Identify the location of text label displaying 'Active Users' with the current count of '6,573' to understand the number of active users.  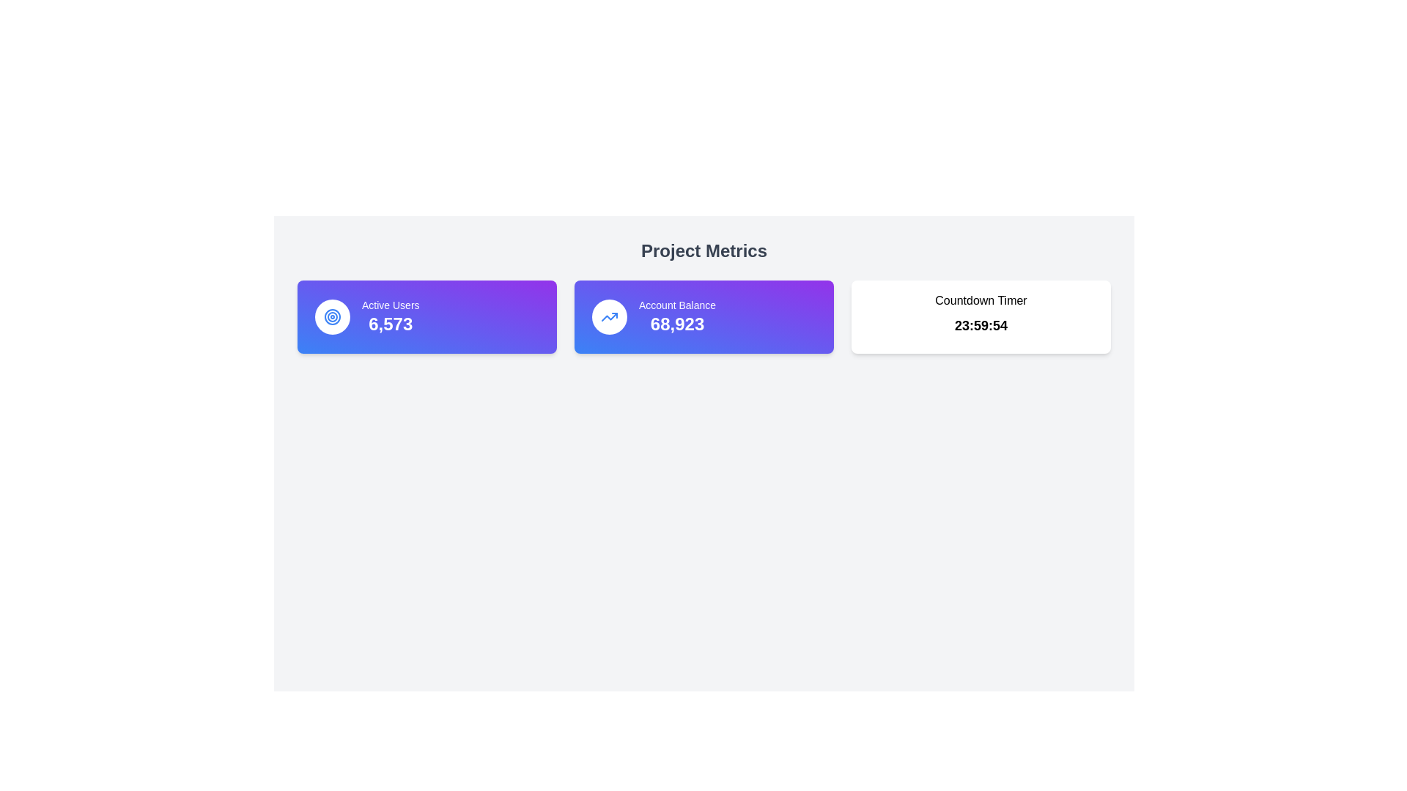
(391, 316).